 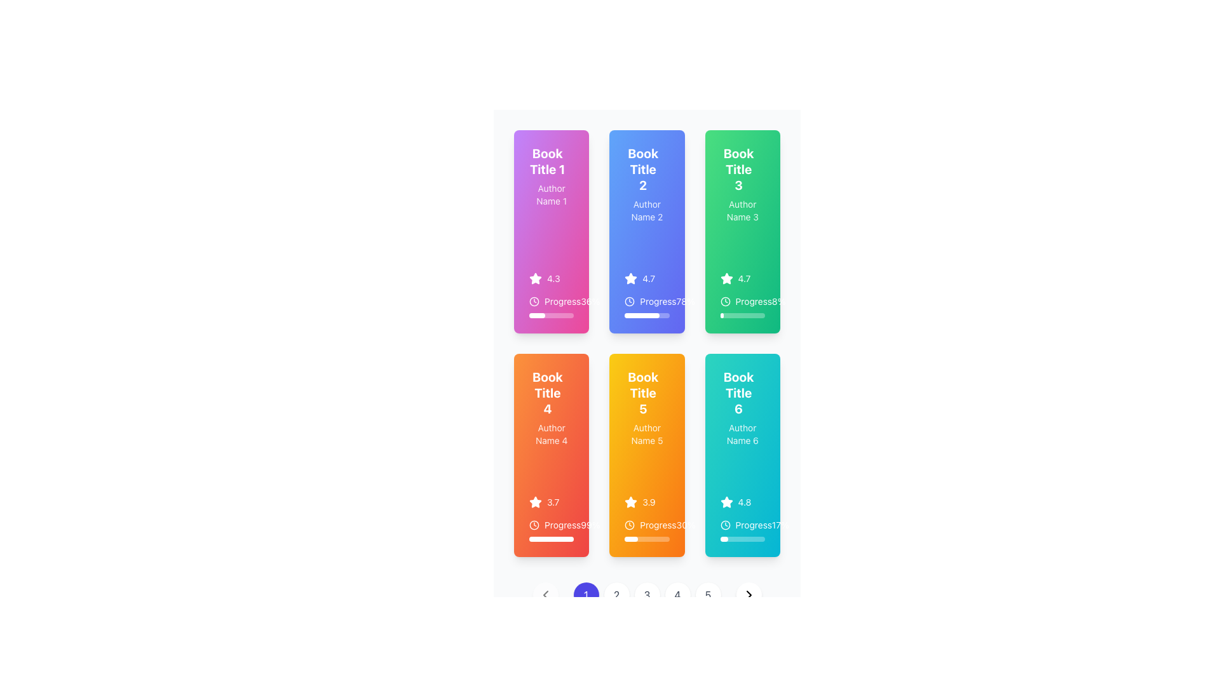 What do you see at coordinates (742, 295) in the screenshot?
I see `the progress indicator located at the lower part of the green card labeled 'Book Title 3' in the top-right area of the interface` at bounding box center [742, 295].